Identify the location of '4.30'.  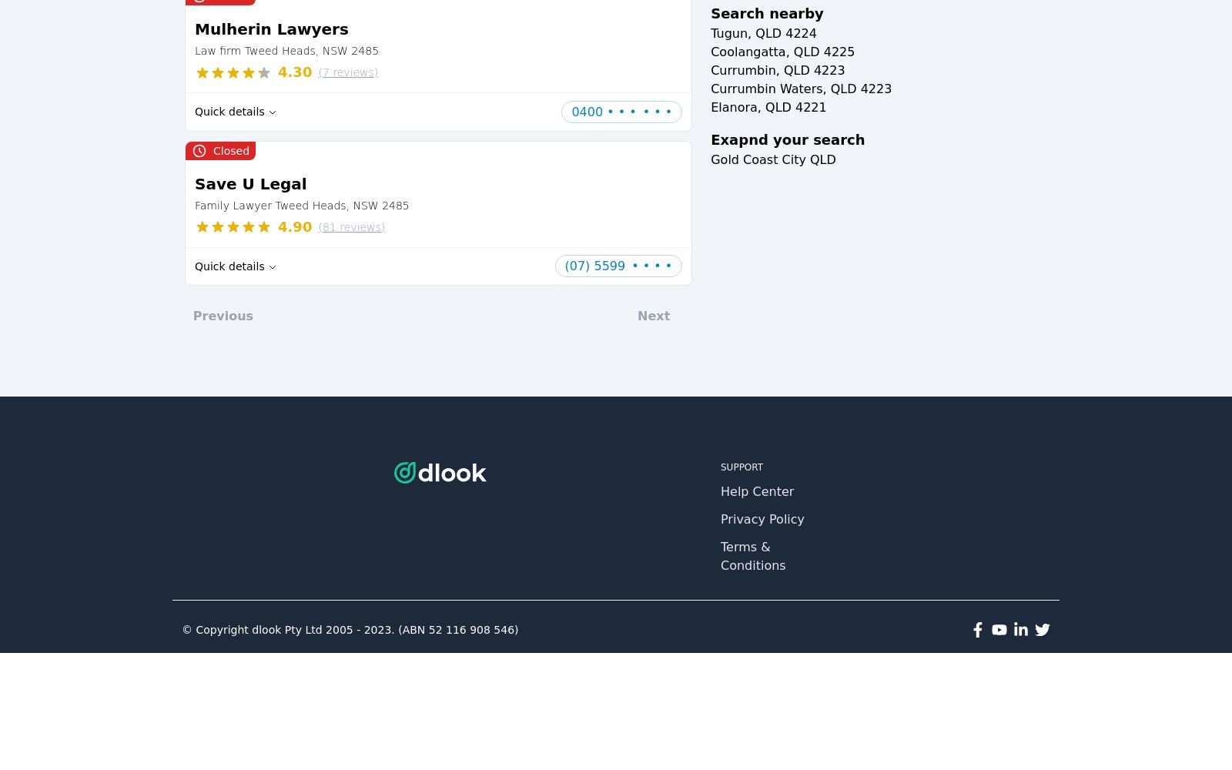
(295, 71).